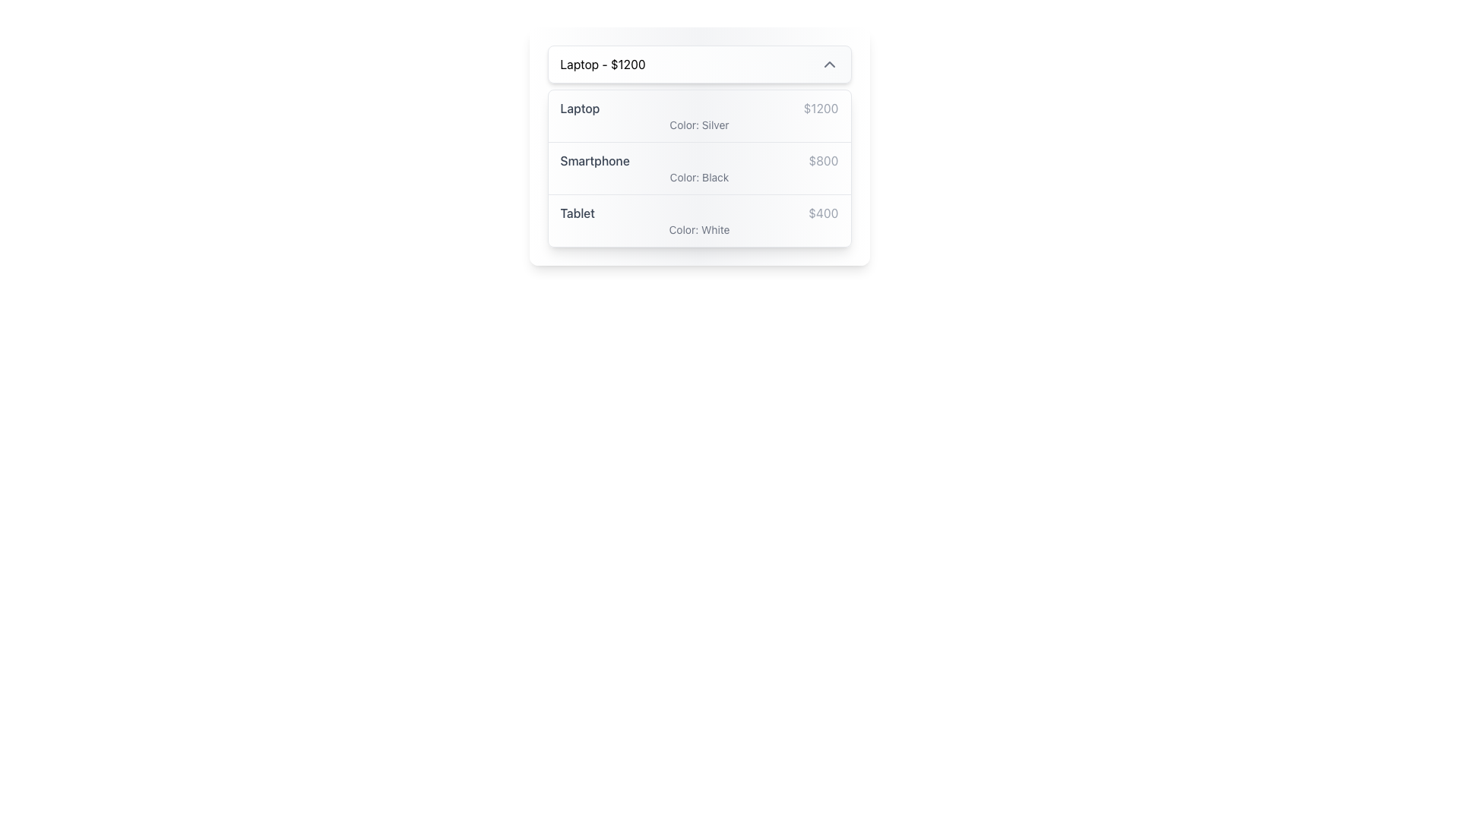  Describe the element at coordinates (577, 213) in the screenshot. I see `the text label element reading 'Tablet', which is styled with a medium-weight font and gray color, located in the third entry of a vertical list next to the price '$400'` at that location.